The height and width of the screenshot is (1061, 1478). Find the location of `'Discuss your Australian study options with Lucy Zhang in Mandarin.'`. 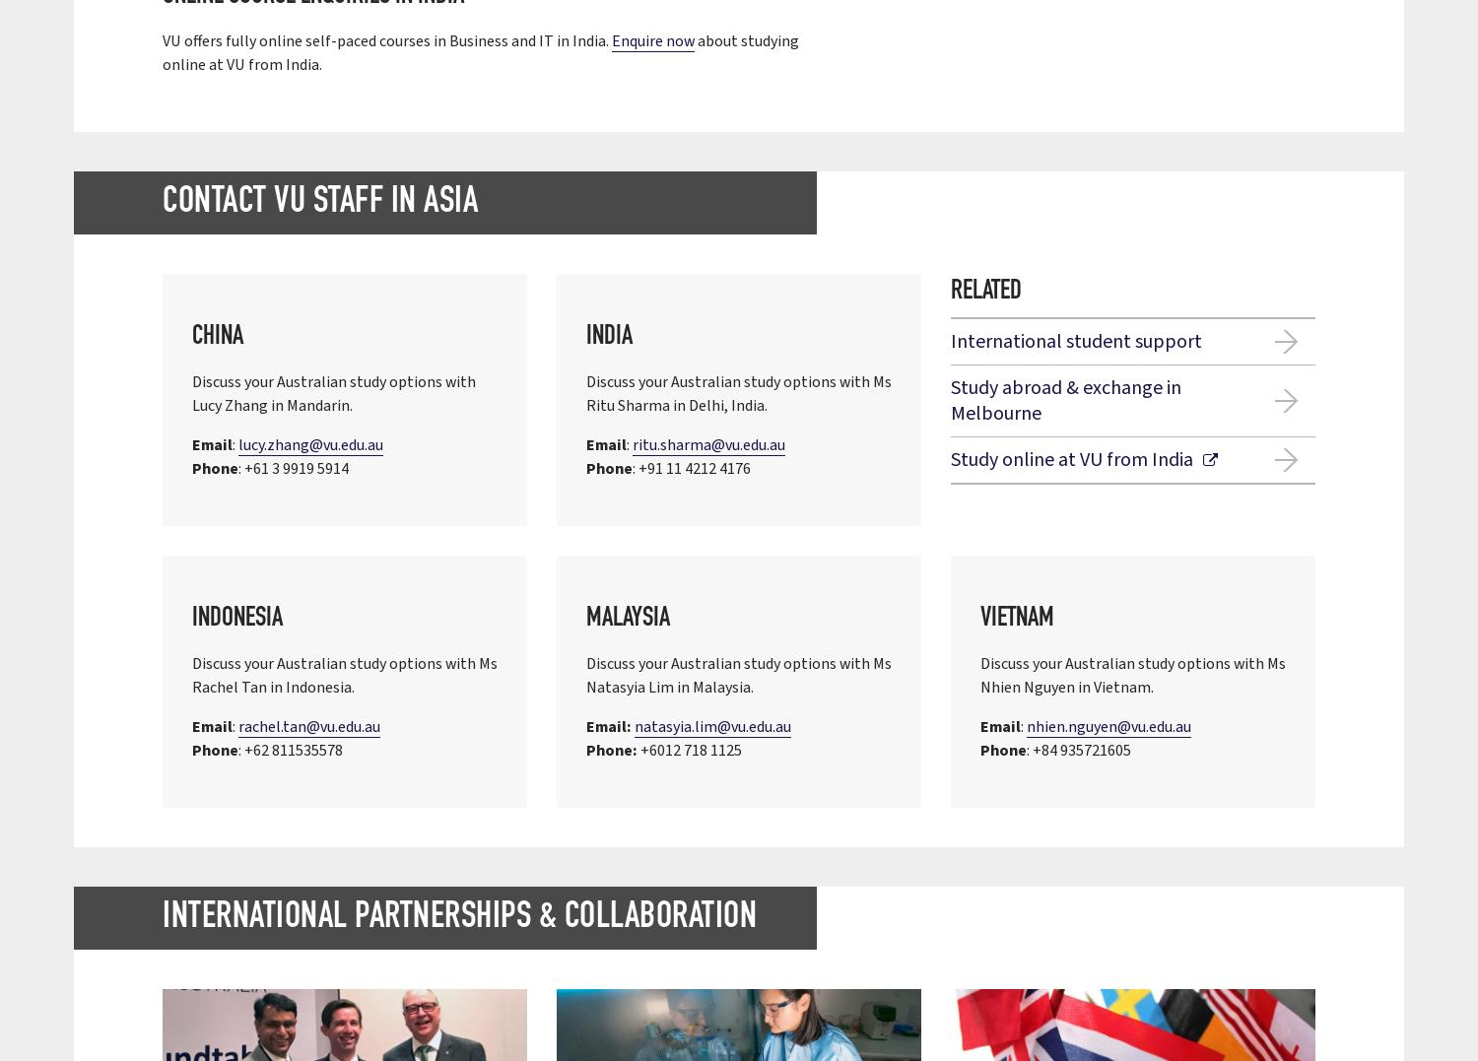

'Discuss your Australian study options with Lucy Zhang in Mandarin.' is located at coordinates (333, 393).